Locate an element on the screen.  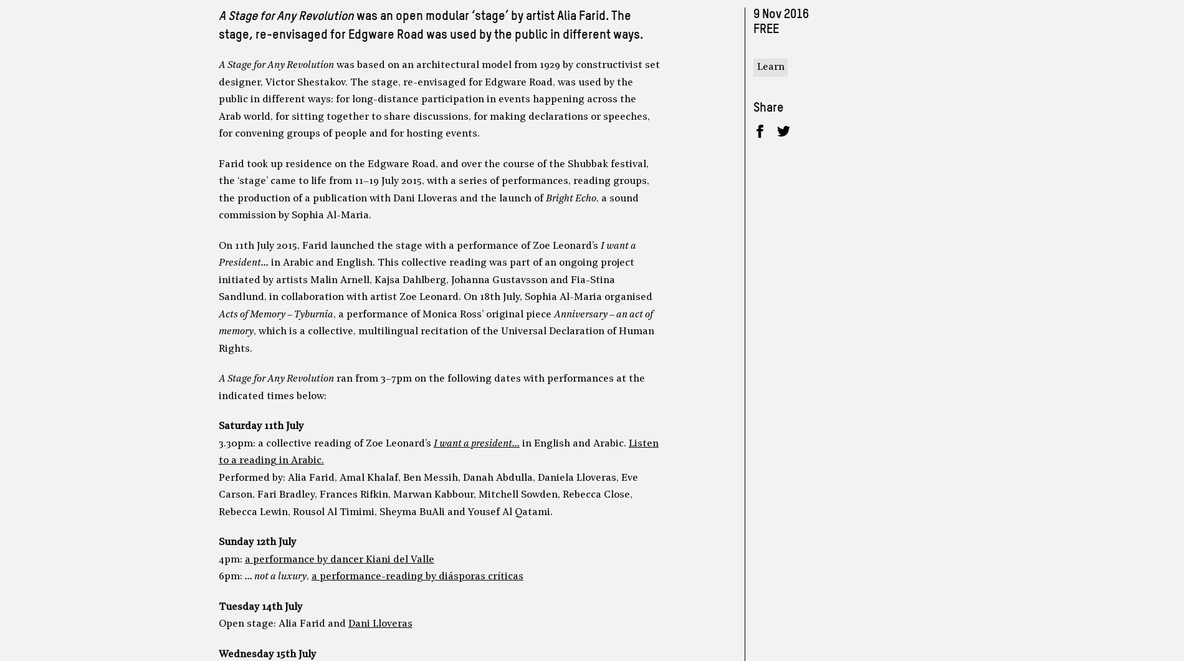
'was an open modular ‘stage’ by artist Alia Farid. The stage, re-envisaged for Edgware Road was used by the public in different ways.' is located at coordinates (430, 26).